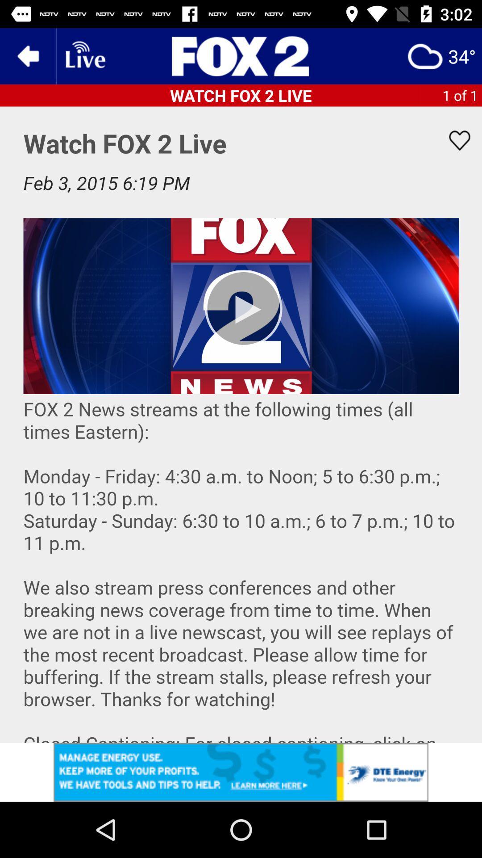 The image size is (482, 858). Describe the element at coordinates (241, 772) in the screenshot. I see `advertisement click` at that location.